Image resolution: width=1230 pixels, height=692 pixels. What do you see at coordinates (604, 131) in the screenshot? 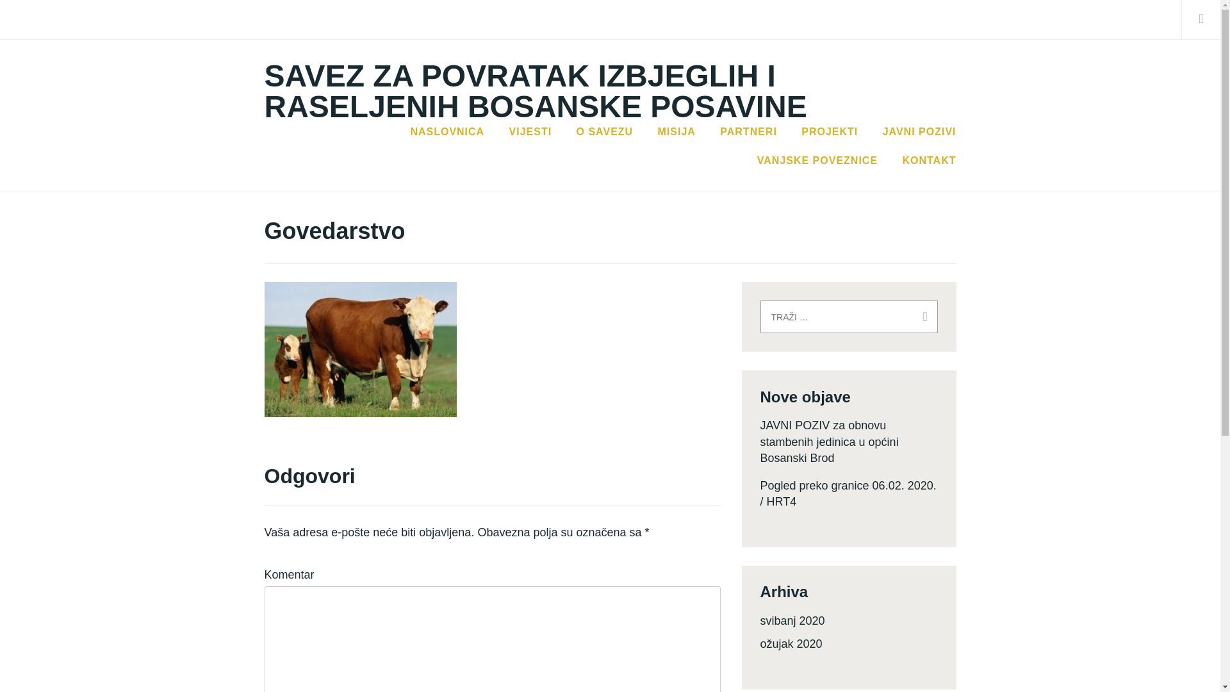
I see `'O SAVEZU'` at bounding box center [604, 131].